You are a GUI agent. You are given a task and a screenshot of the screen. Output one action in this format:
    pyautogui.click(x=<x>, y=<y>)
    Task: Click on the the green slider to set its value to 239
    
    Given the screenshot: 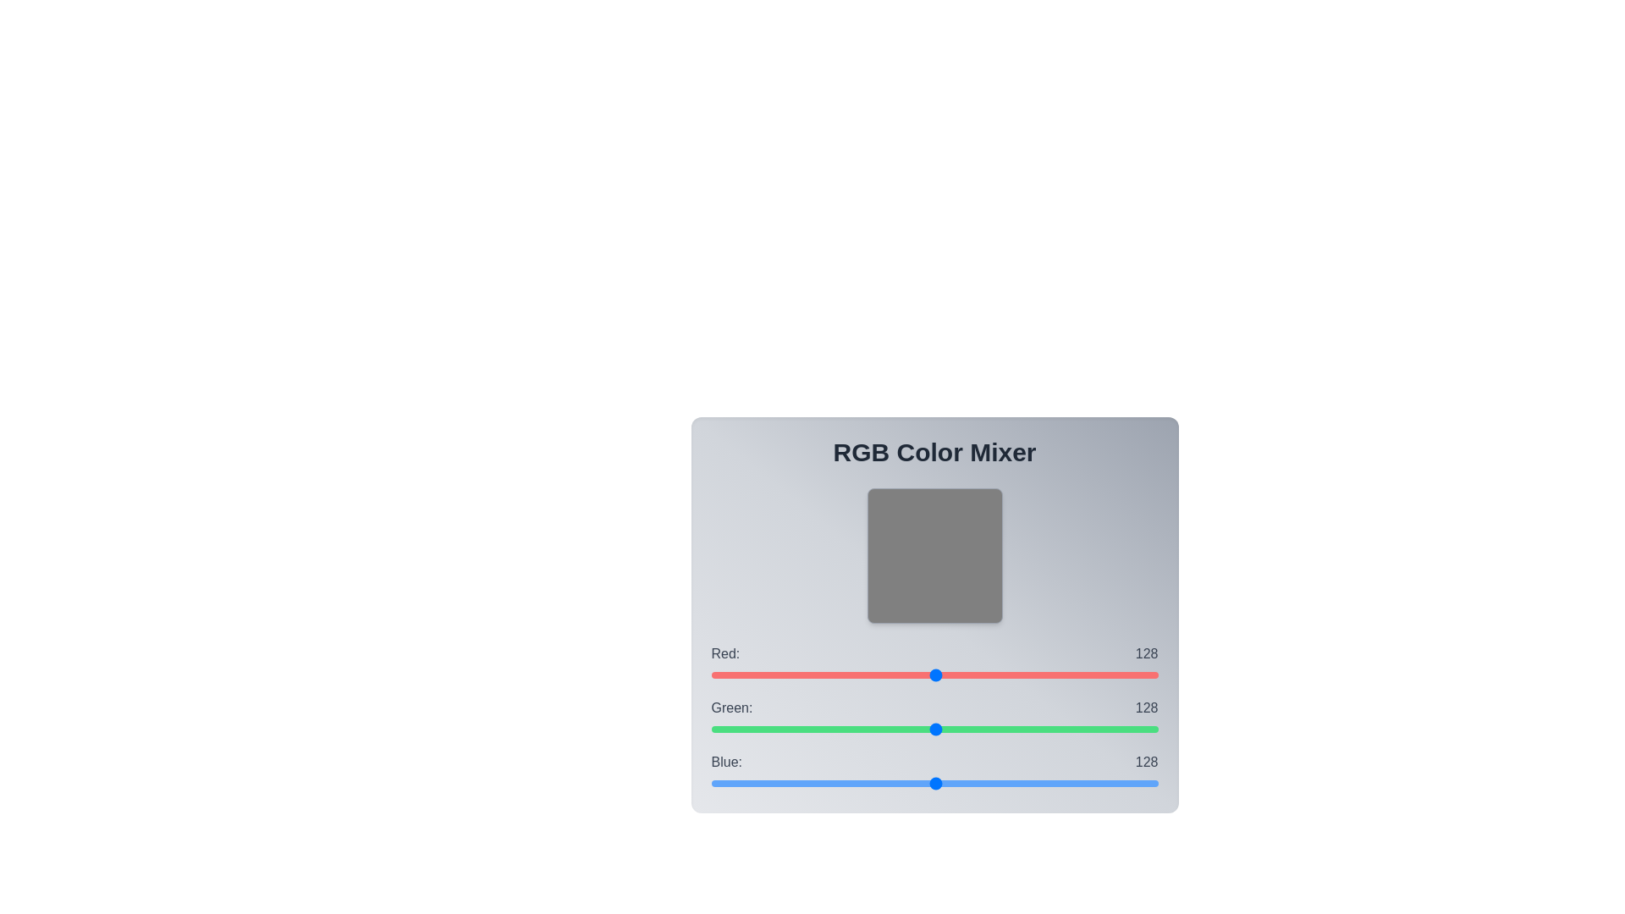 What is the action you would take?
    pyautogui.click(x=1130, y=728)
    